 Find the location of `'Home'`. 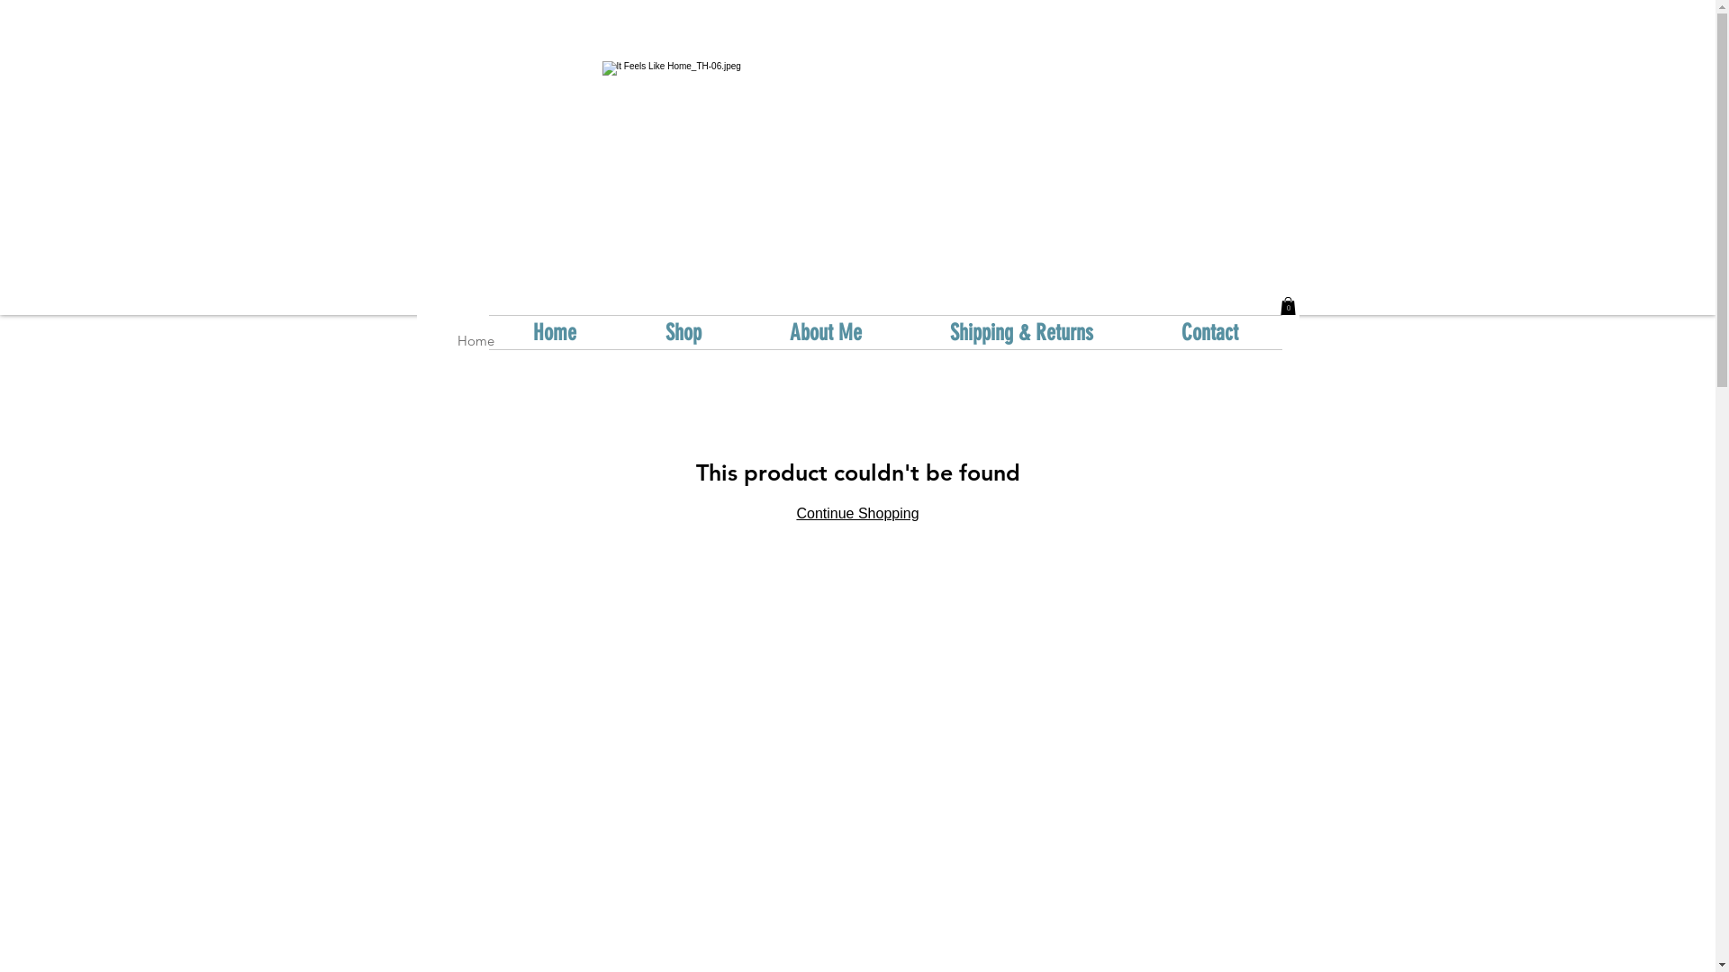

'Home' is located at coordinates (475, 340).